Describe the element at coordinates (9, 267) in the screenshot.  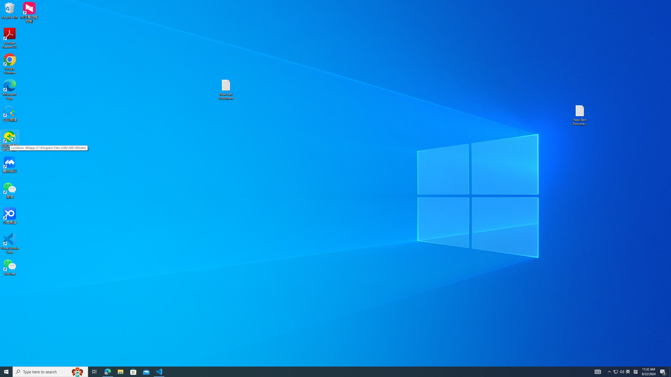
I see `'WeChat'` at that location.